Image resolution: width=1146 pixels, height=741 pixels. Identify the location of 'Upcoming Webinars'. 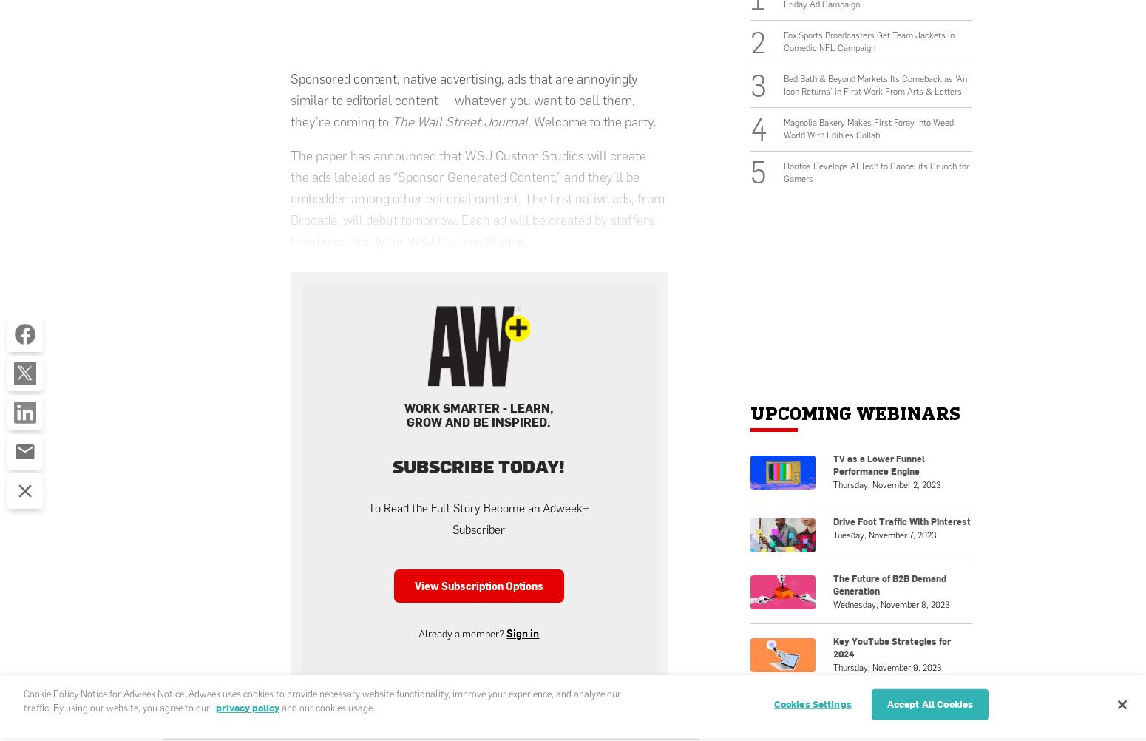
(750, 413).